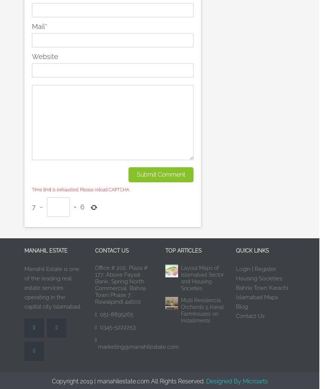 This screenshot has height=389, width=325. I want to click on 'Copyright 2019 | manahilestate.com All Rights Reserved.', so click(128, 381).